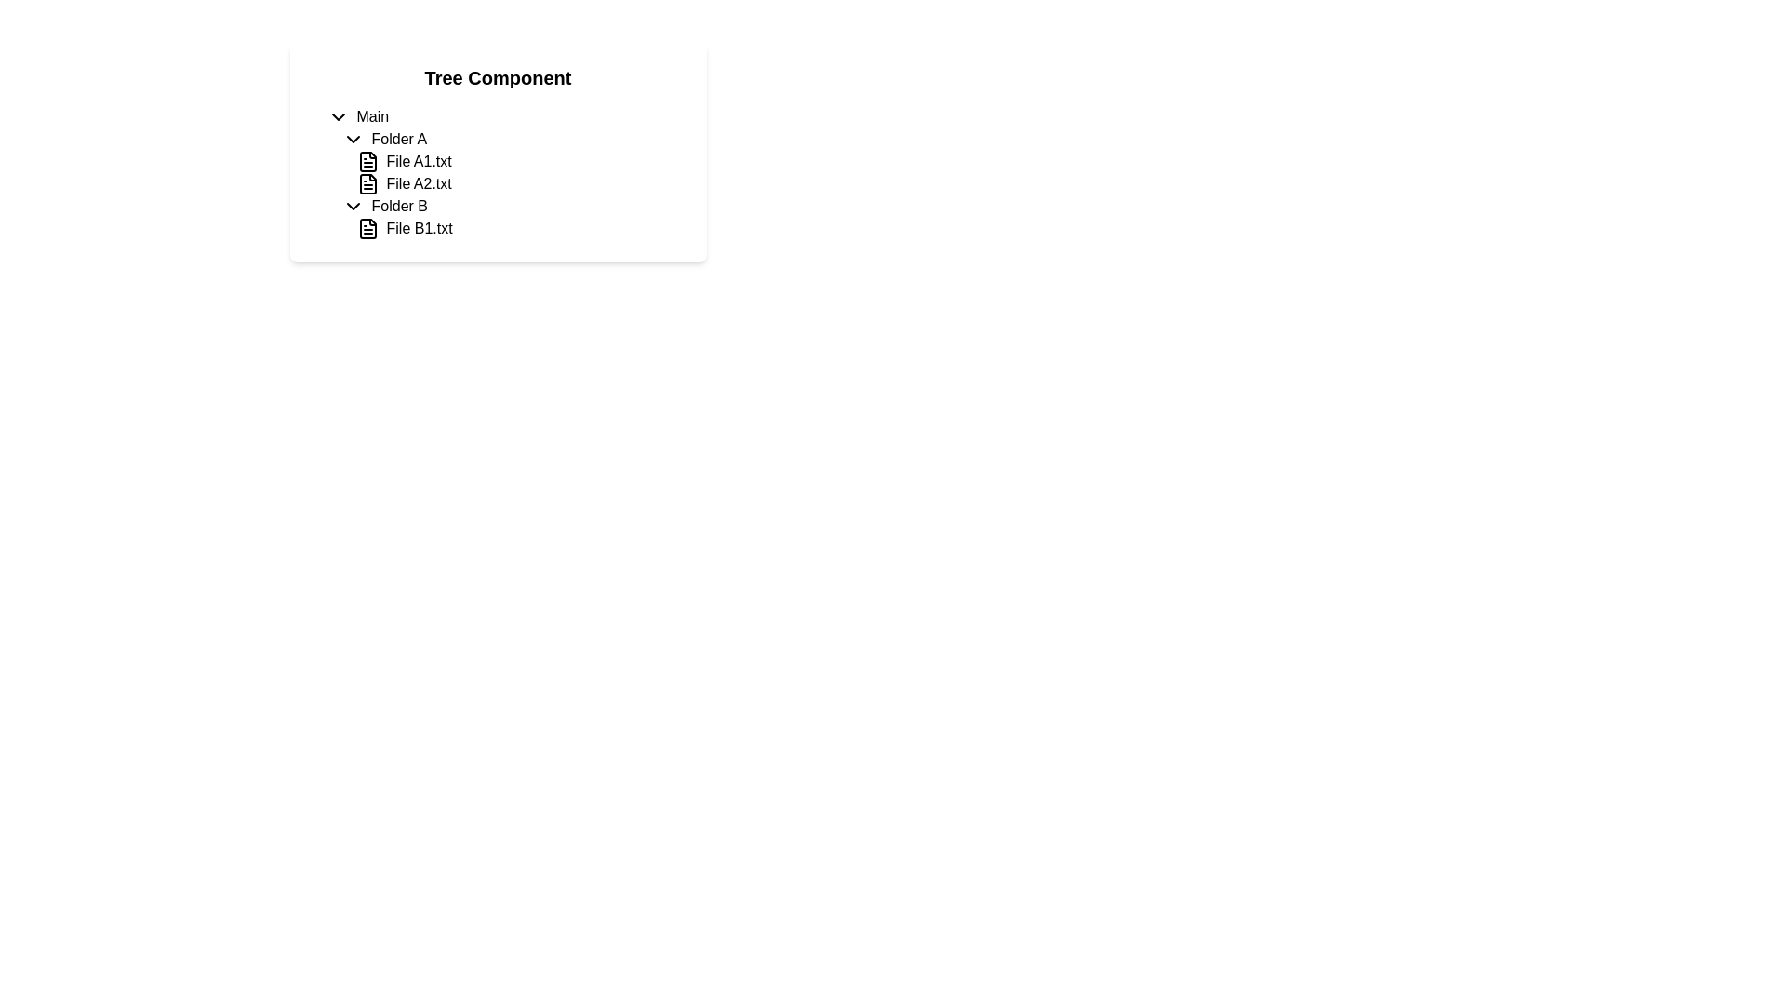 The width and height of the screenshot is (1786, 1005). What do you see at coordinates (505, 160) in the screenshot?
I see `the second top-level collapsible tree section labeled 'Main' in the file explorer interface` at bounding box center [505, 160].